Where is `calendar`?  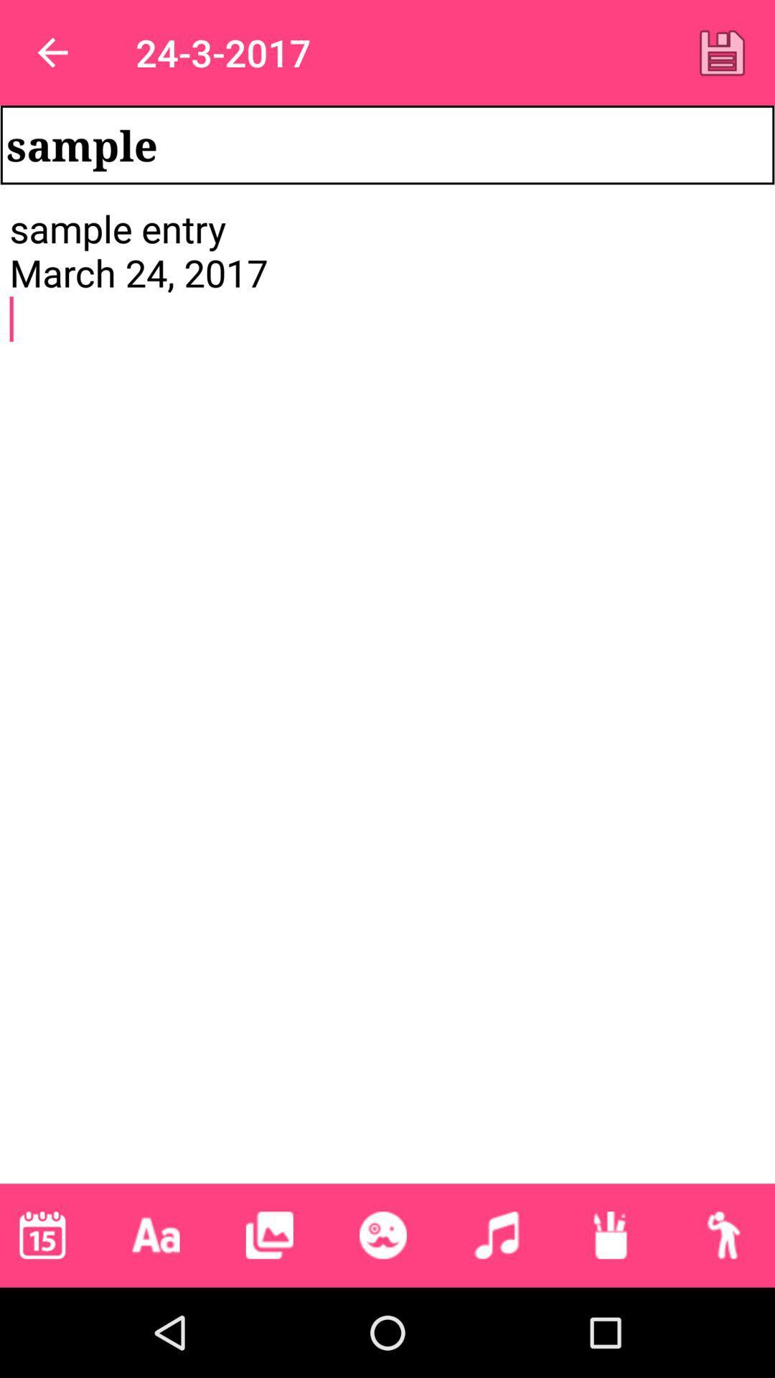
calendar is located at coordinates (42, 1234).